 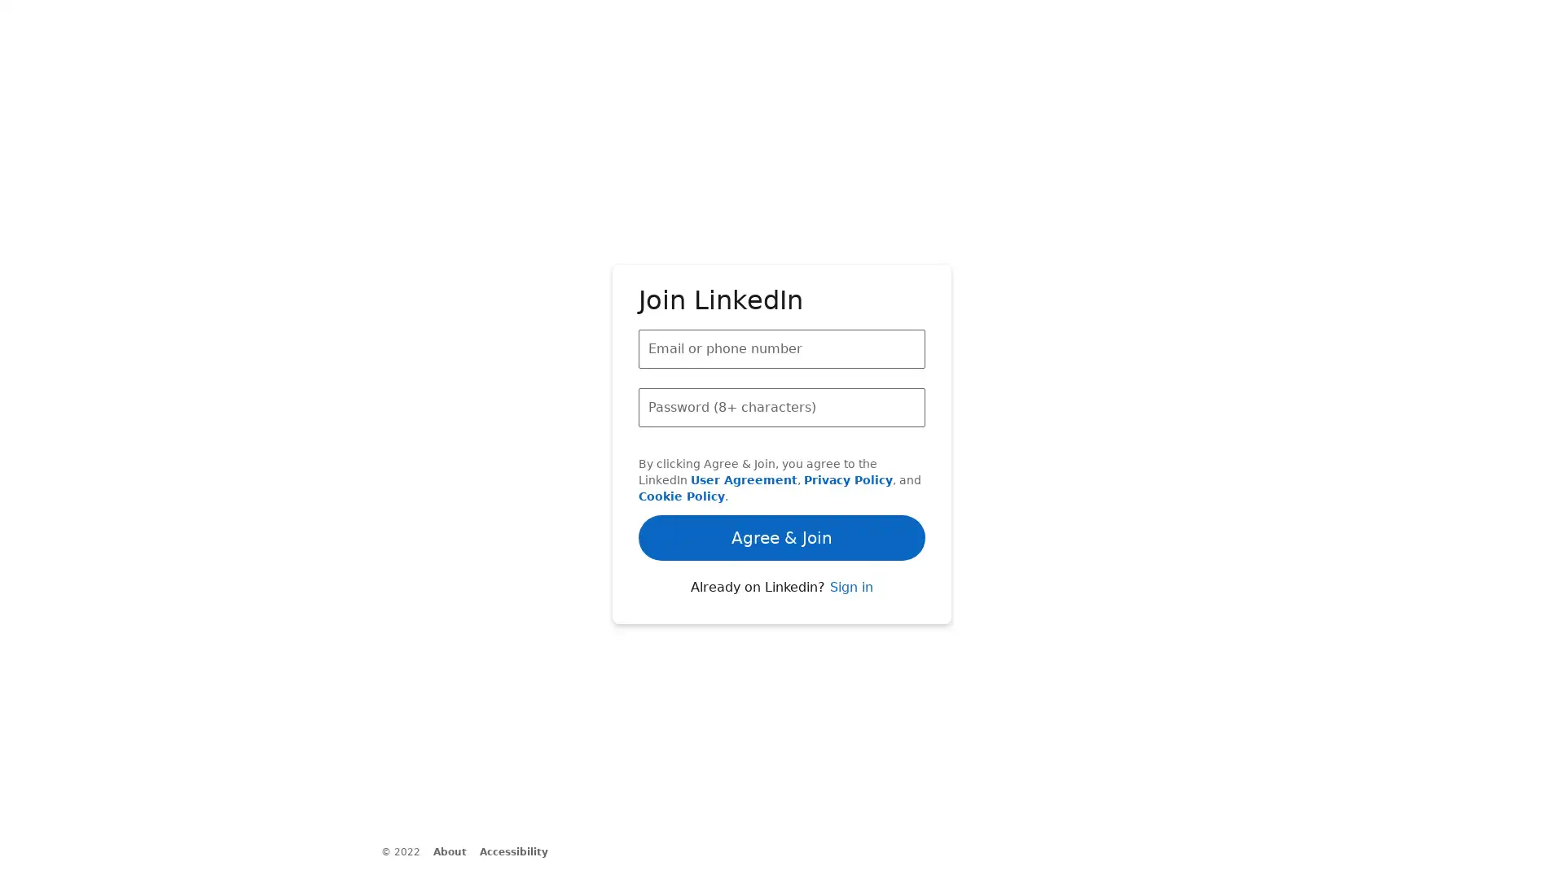 What do you see at coordinates (782, 483) in the screenshot?
I see `Agree & Join` at bounding box center [782, 483].